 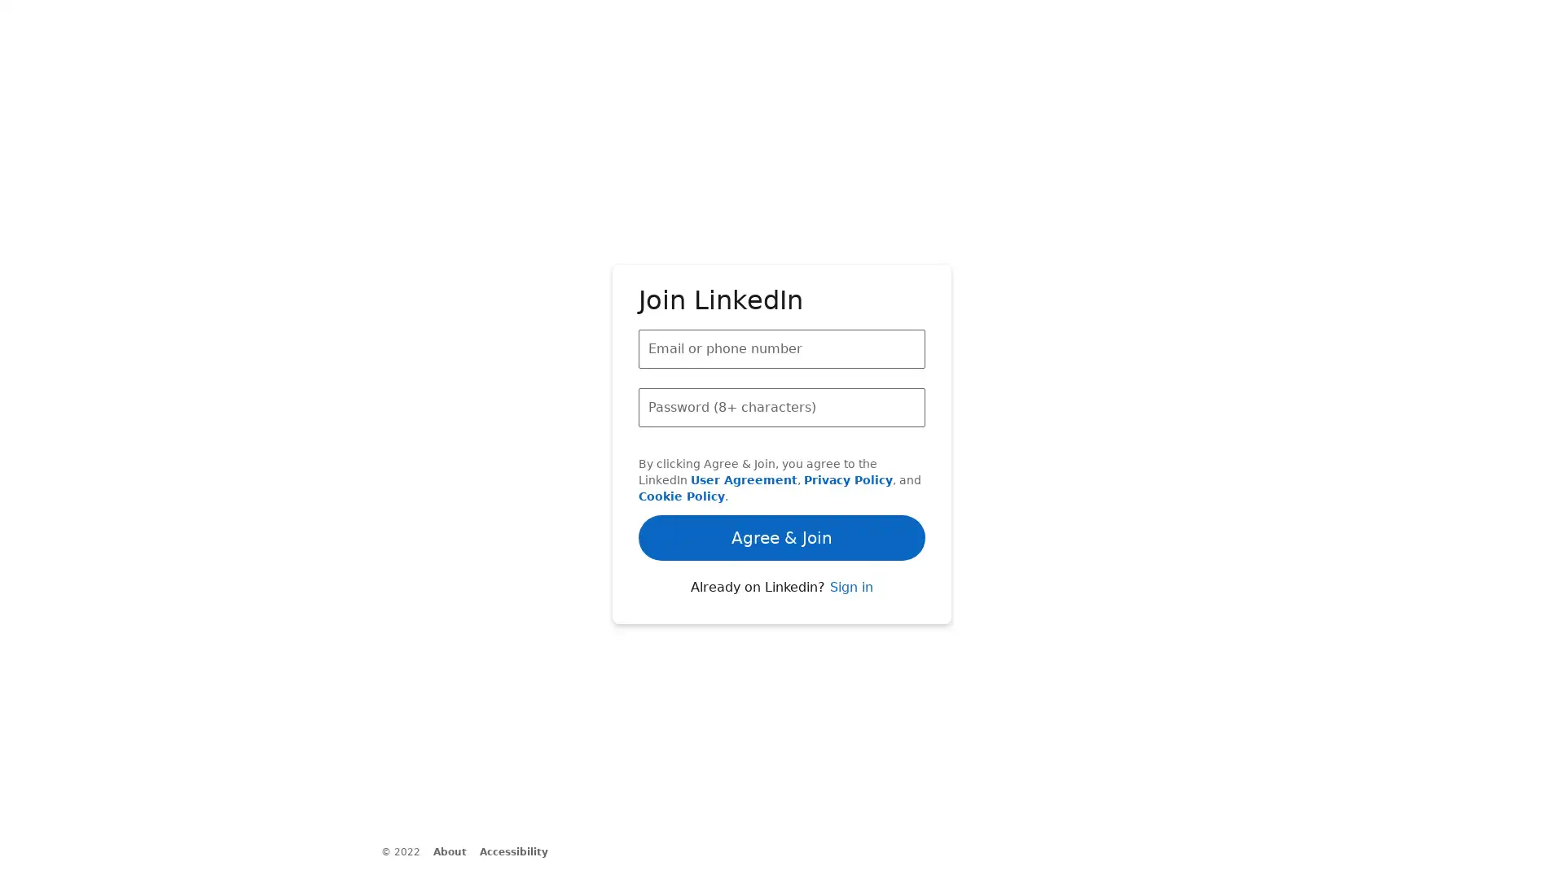 What do you see at coordinates (782, 483) in the screenshot?
I see `Agree & Join` at bounding box center [782, 483].